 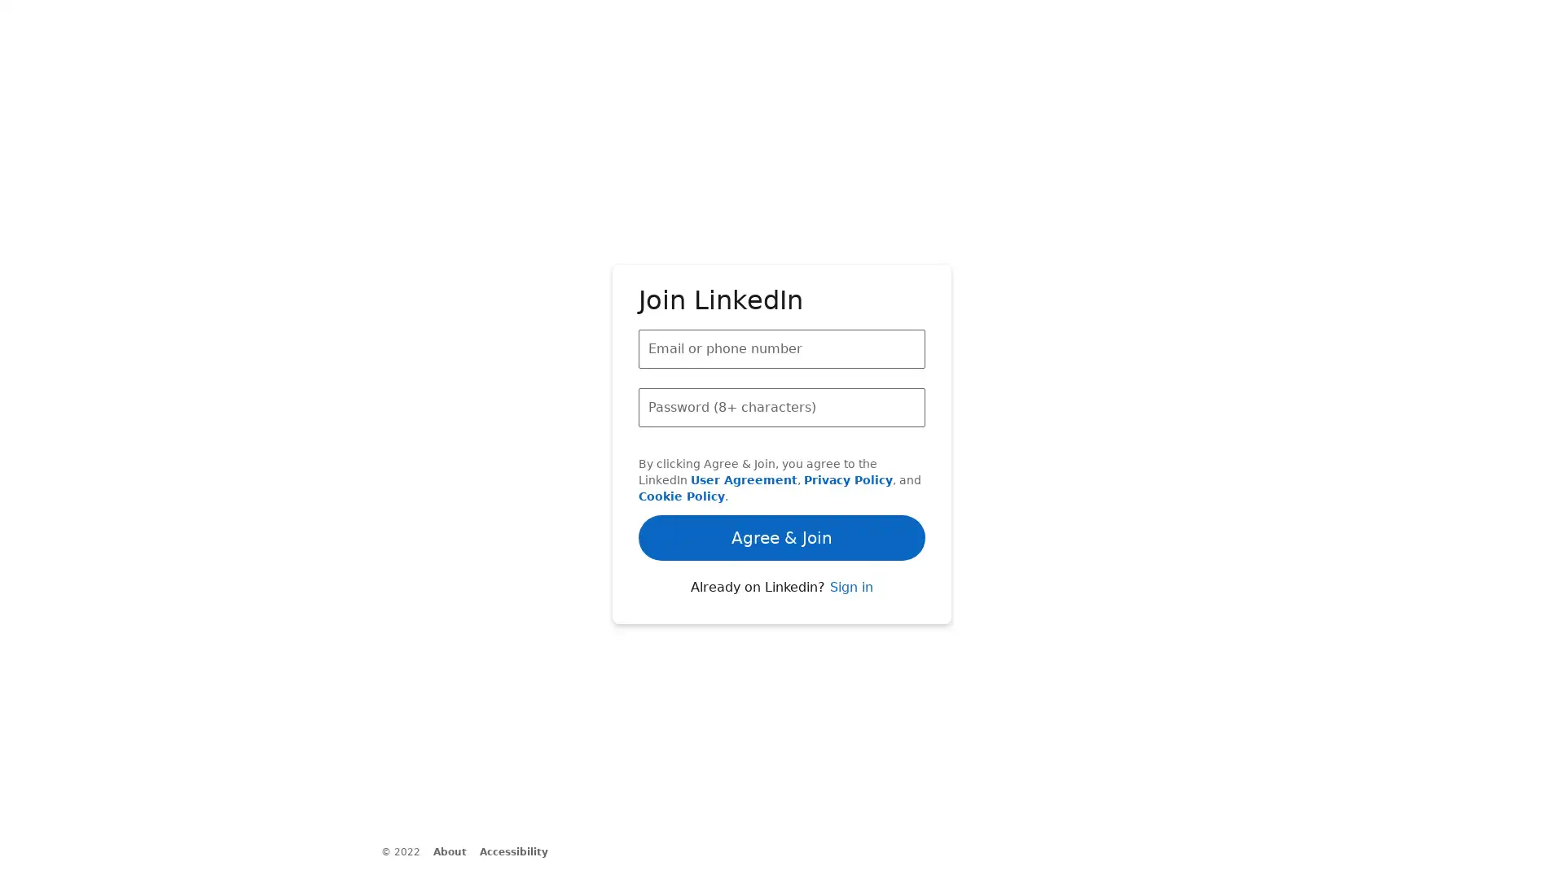 What do you see at coordinates (782, 483) in the screenshot?
I see `Agree & Join` at bounding box center [782, 483].